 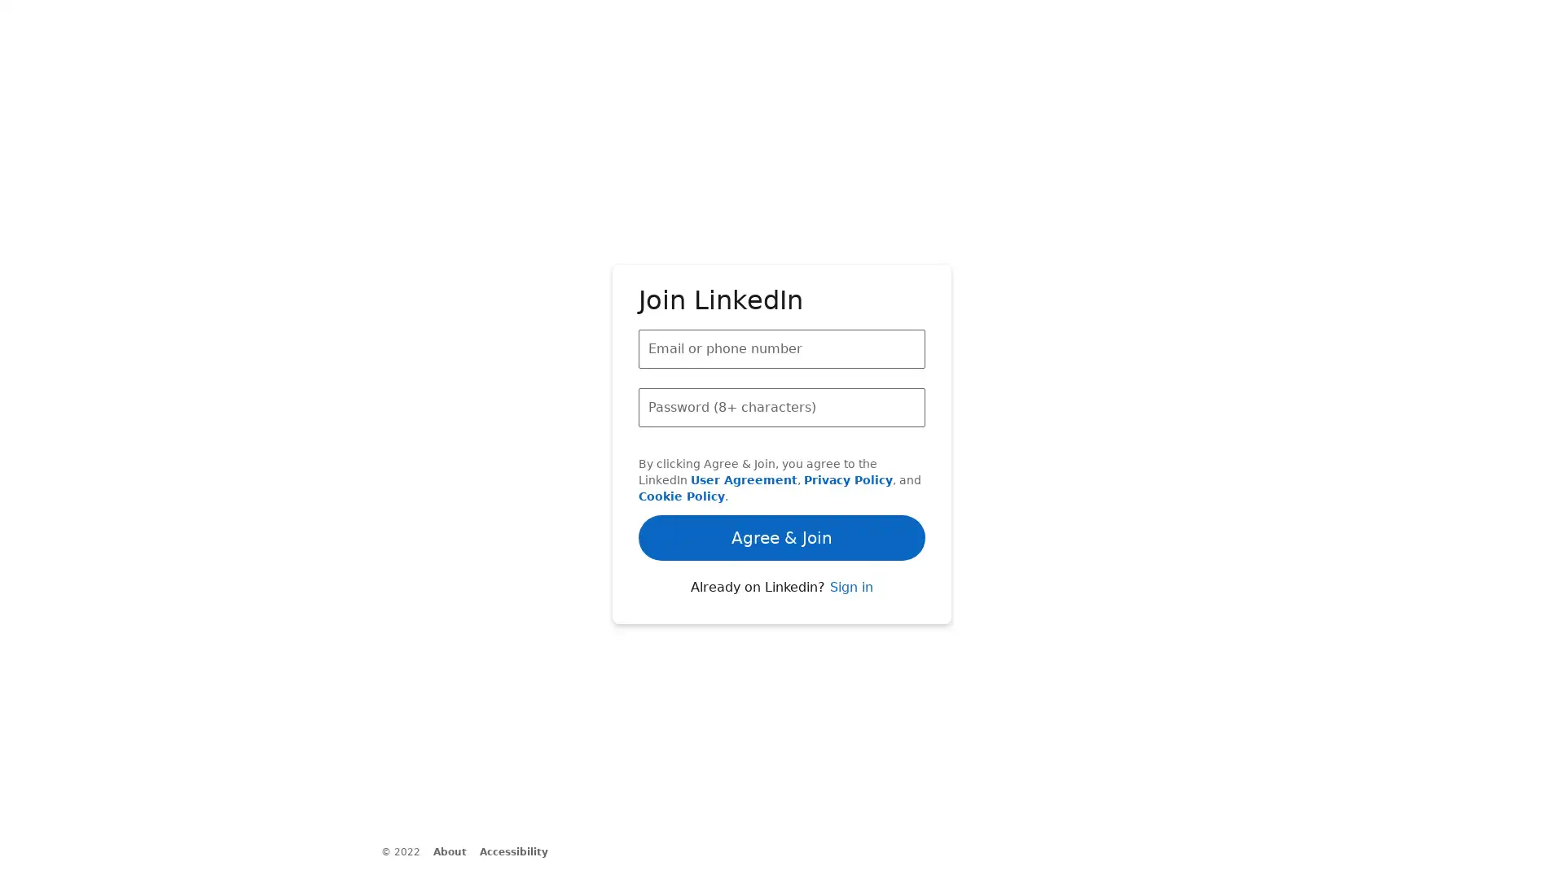 What do you see at coordinates (782, 483) in the screenshot?
I see `Agree & Join` at bounding box center [782, 483].